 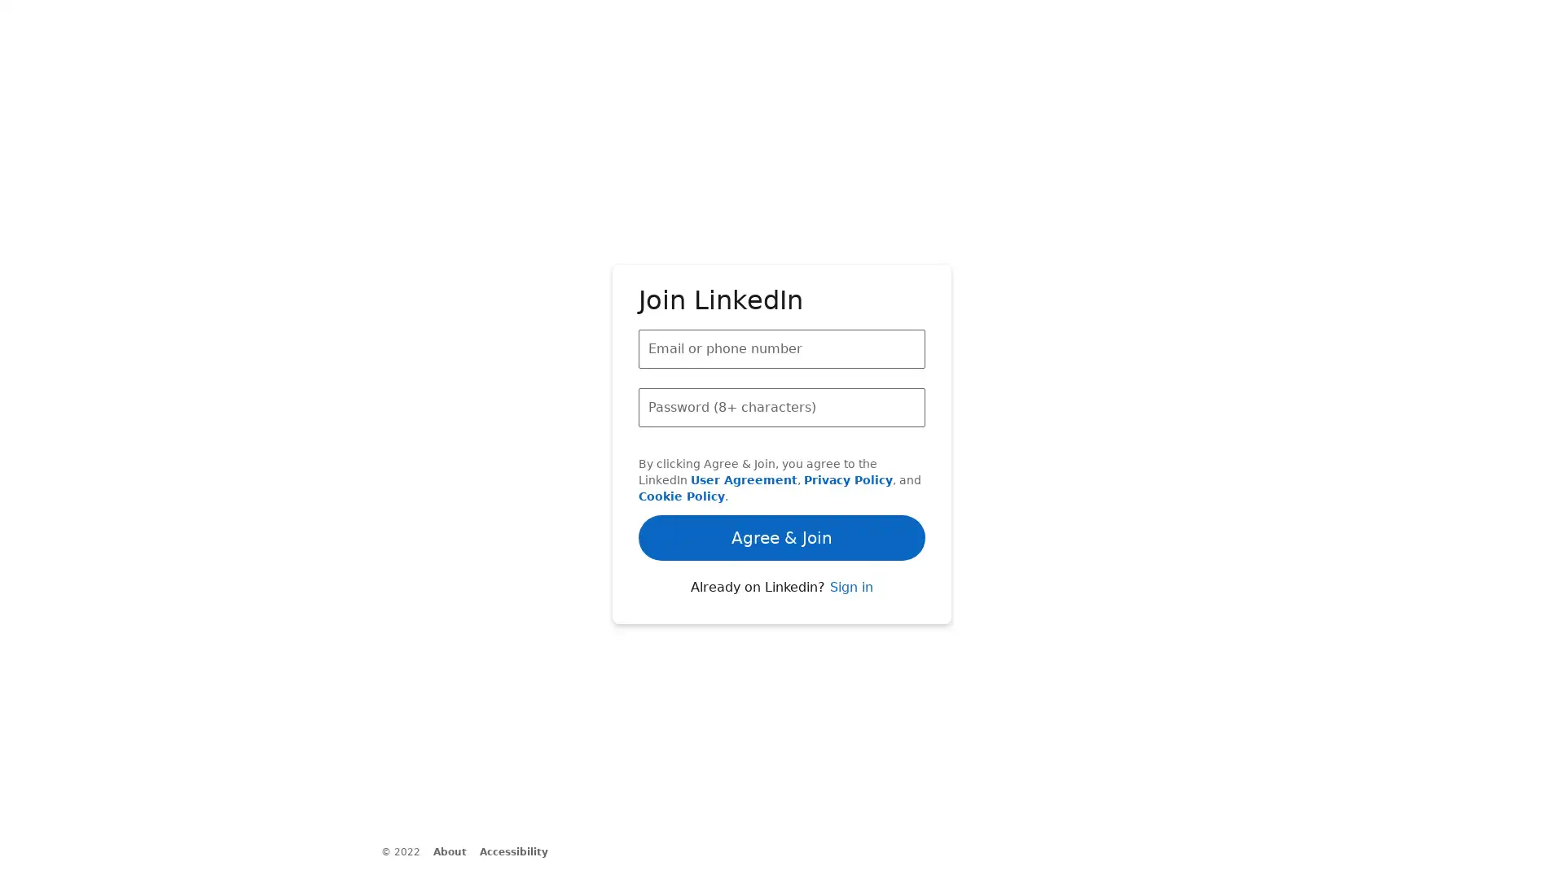 What do you see at coordinates (782, 483) in the screenshot?
I see `Agree & Join` at bounding box center [782, 483].